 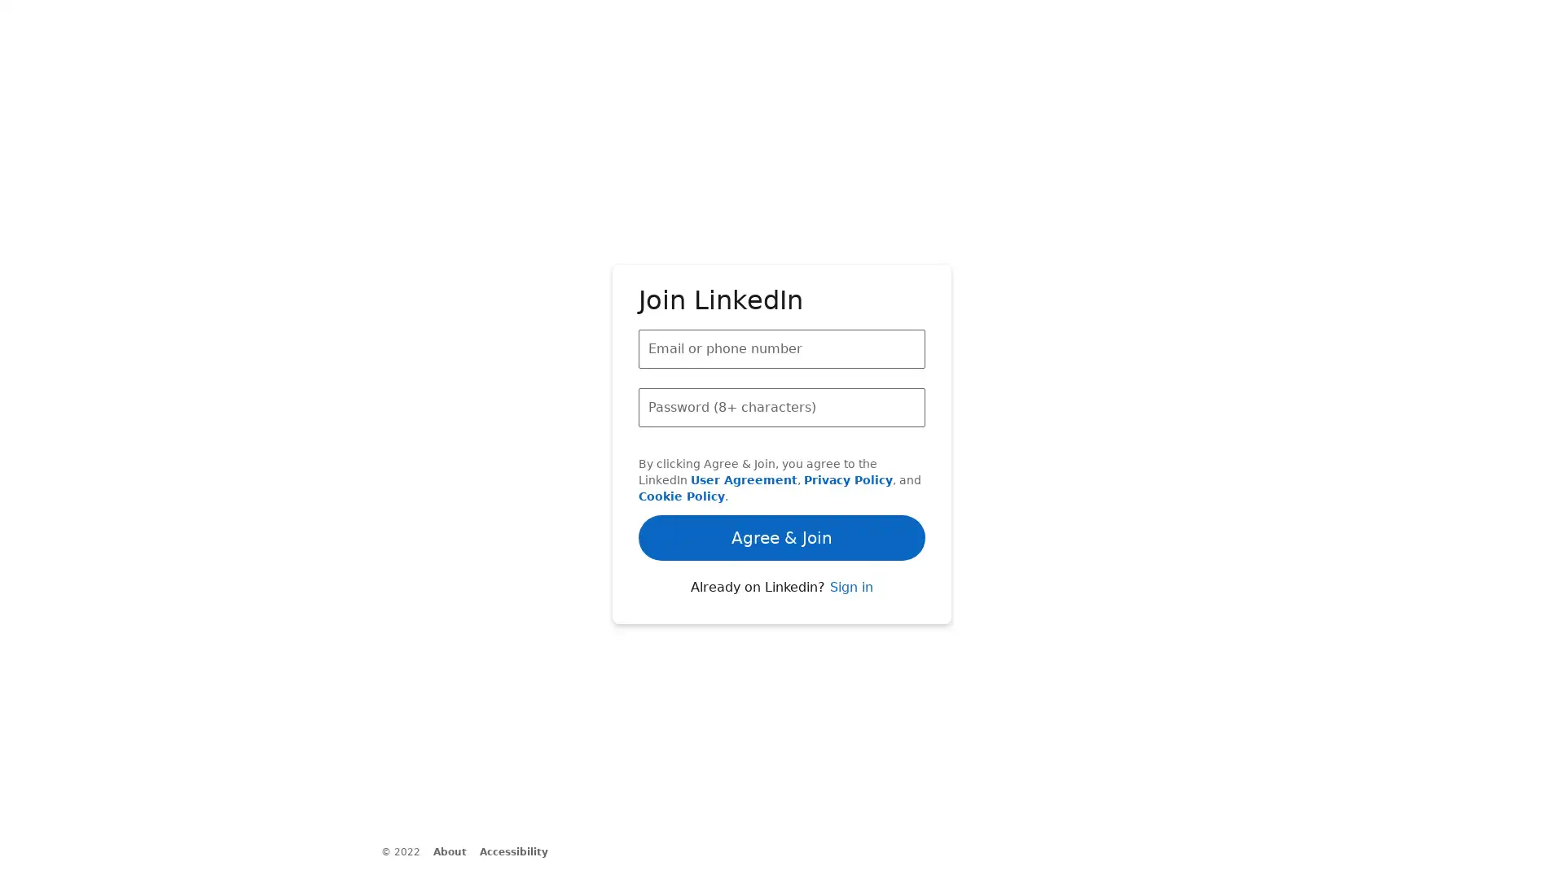 What do you see at coordinates (782, 483) in the screenshot?
I see `Agree & Join` at bounding box center [782, 483].